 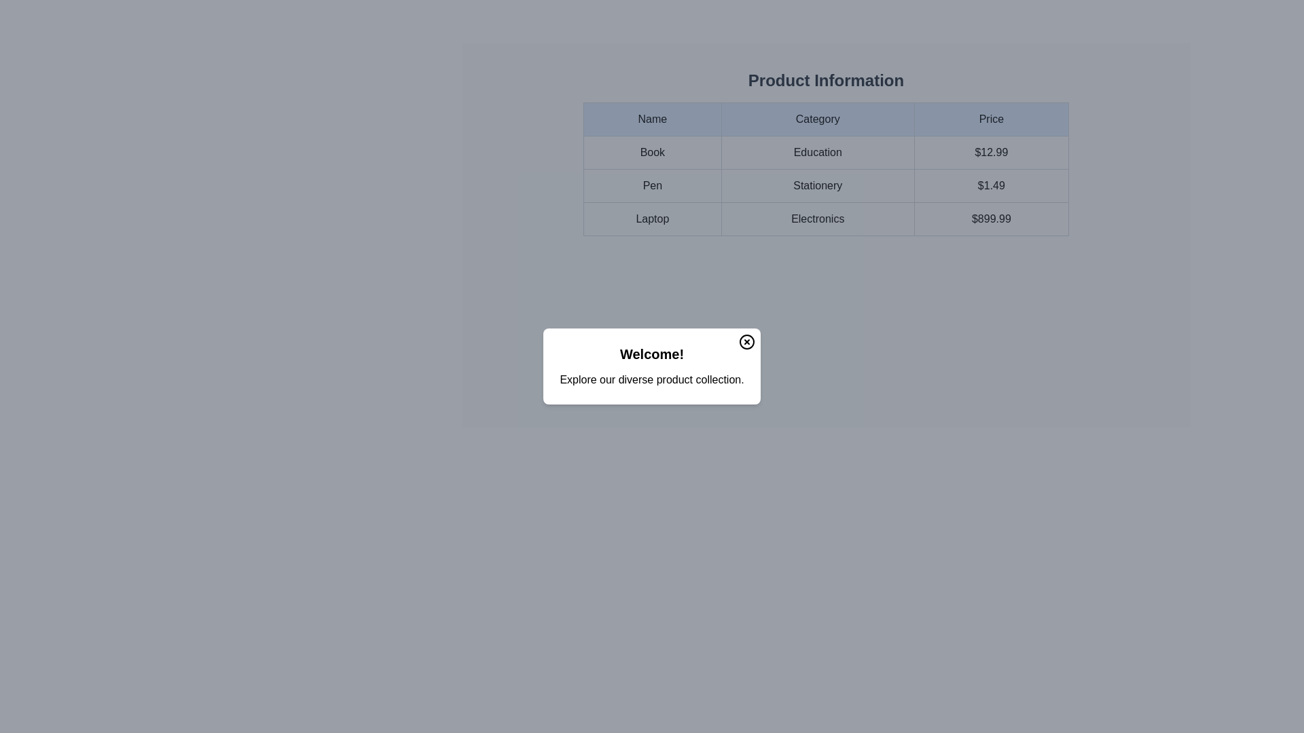 What do you see at coordinates (825, 119) in the screenshot?
I see `text in the Table Header Row of the 'Product Information' table to understand the columns 'Name', 'Category', and 'Price'` at bounding box center [825, 119].